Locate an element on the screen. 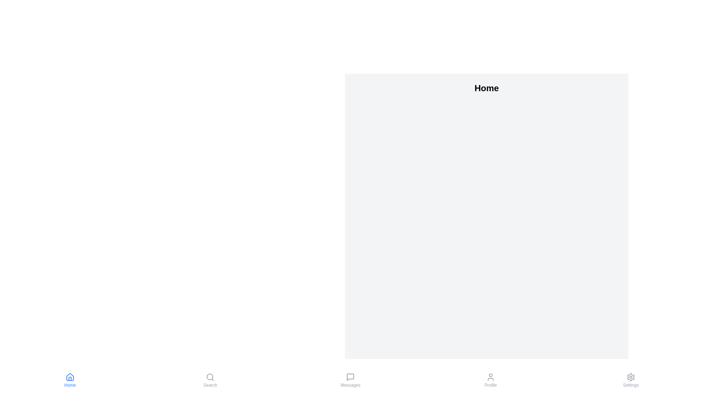  the message bubble icon in the bottom navigation bar is located at coordinates (350, 377).